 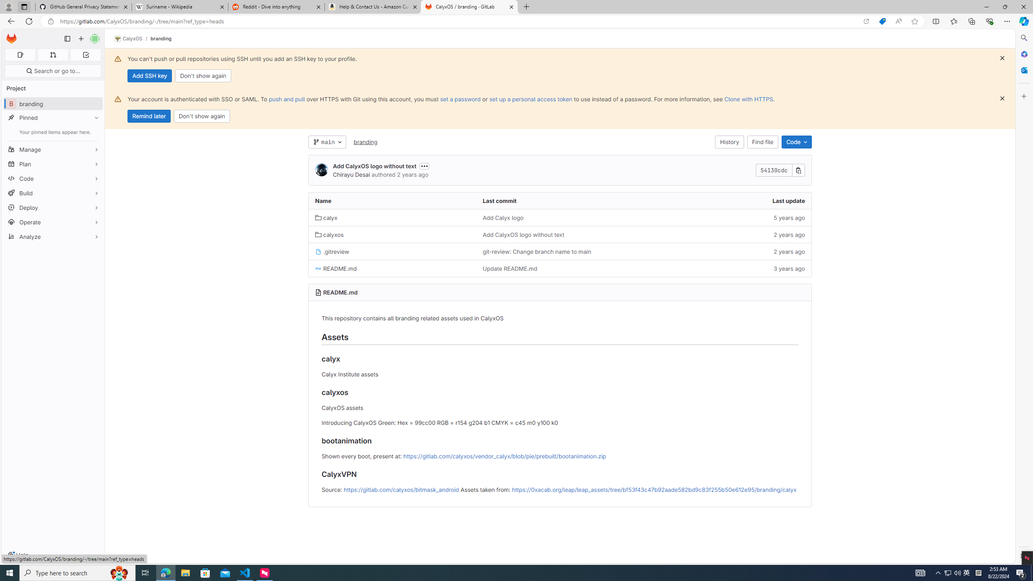 I want to click on 'Open in app', so click(x=866, y=21).